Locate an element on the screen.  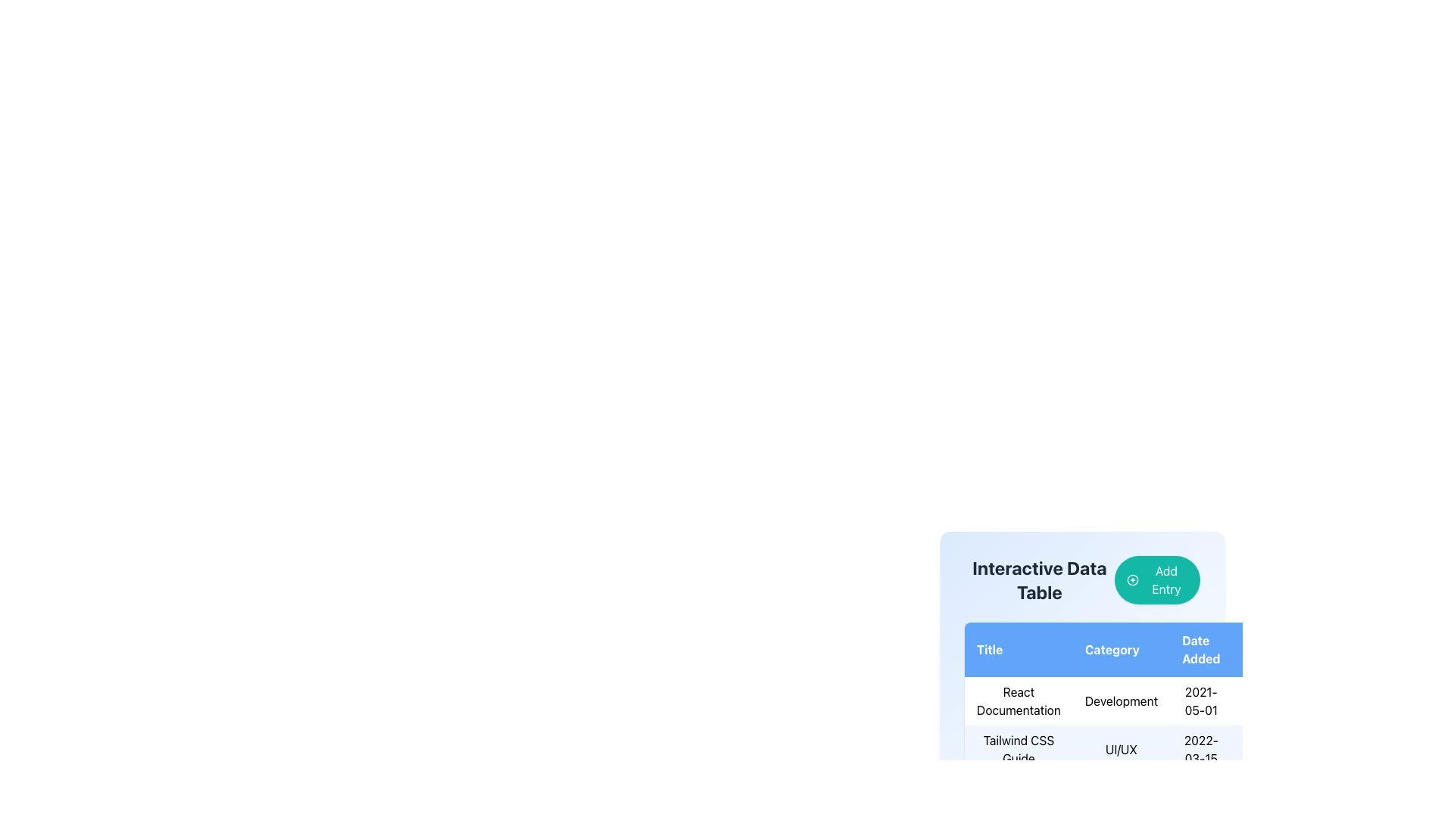
header text of the Table Header Row, which includes labels such as 'Title', 'Category', 'Date Added', and 'Actions'. This row is located directly below the section title 'Interactive Data Table' is located at coordinates (1133, 649).